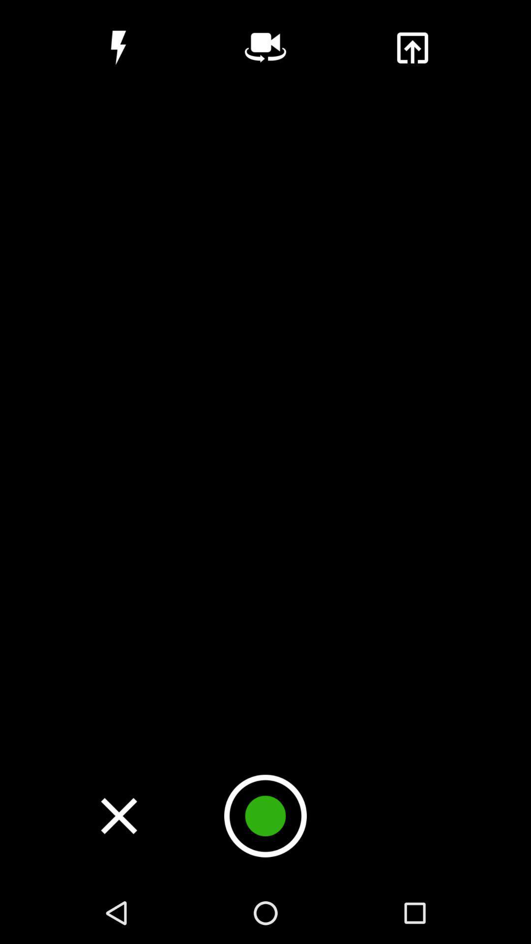 The width and height of the screenshot is (531, 944). Describe the element at coordinates (118, 47) in the screenshot. I see `flash icon` at that location.